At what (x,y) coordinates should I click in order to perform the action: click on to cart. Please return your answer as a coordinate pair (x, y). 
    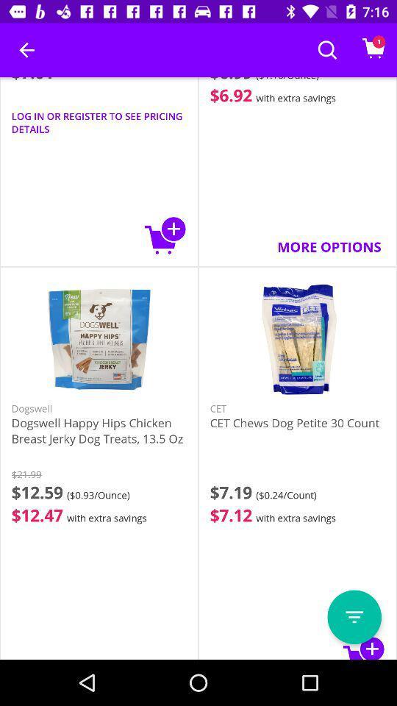
    Looking at the image, I should click on (165, 235).